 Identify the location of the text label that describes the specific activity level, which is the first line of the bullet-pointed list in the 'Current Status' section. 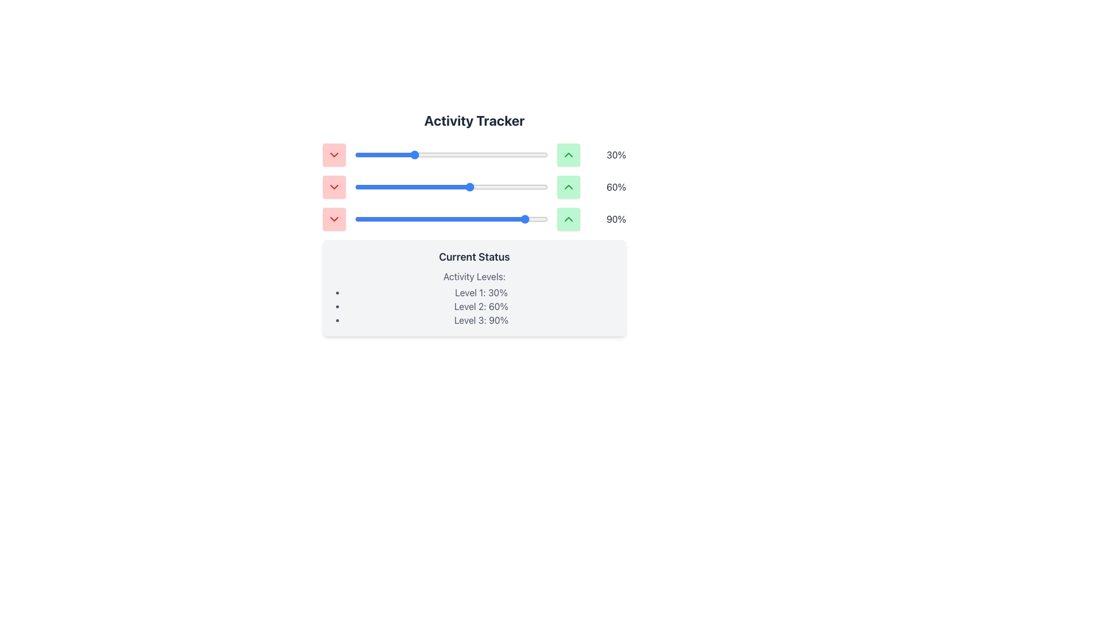
(481, 292).